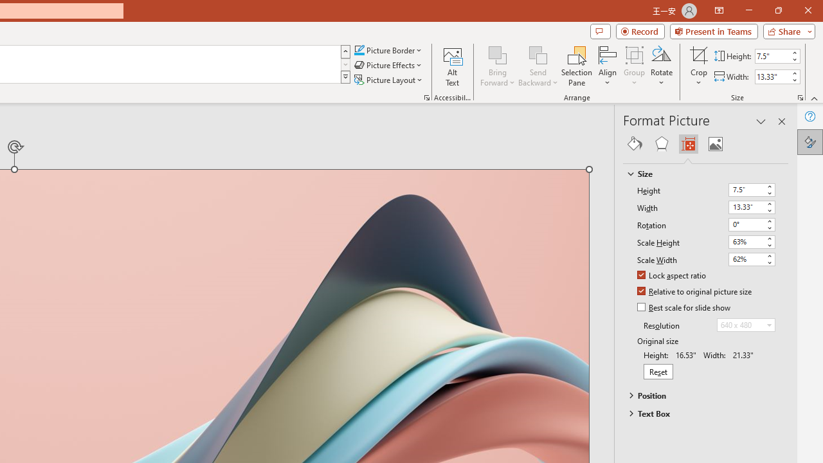  What do you see at coordinates (746, 259) in the screenshot?
I see `'Scale Width'` at bounding box center [746, 259].